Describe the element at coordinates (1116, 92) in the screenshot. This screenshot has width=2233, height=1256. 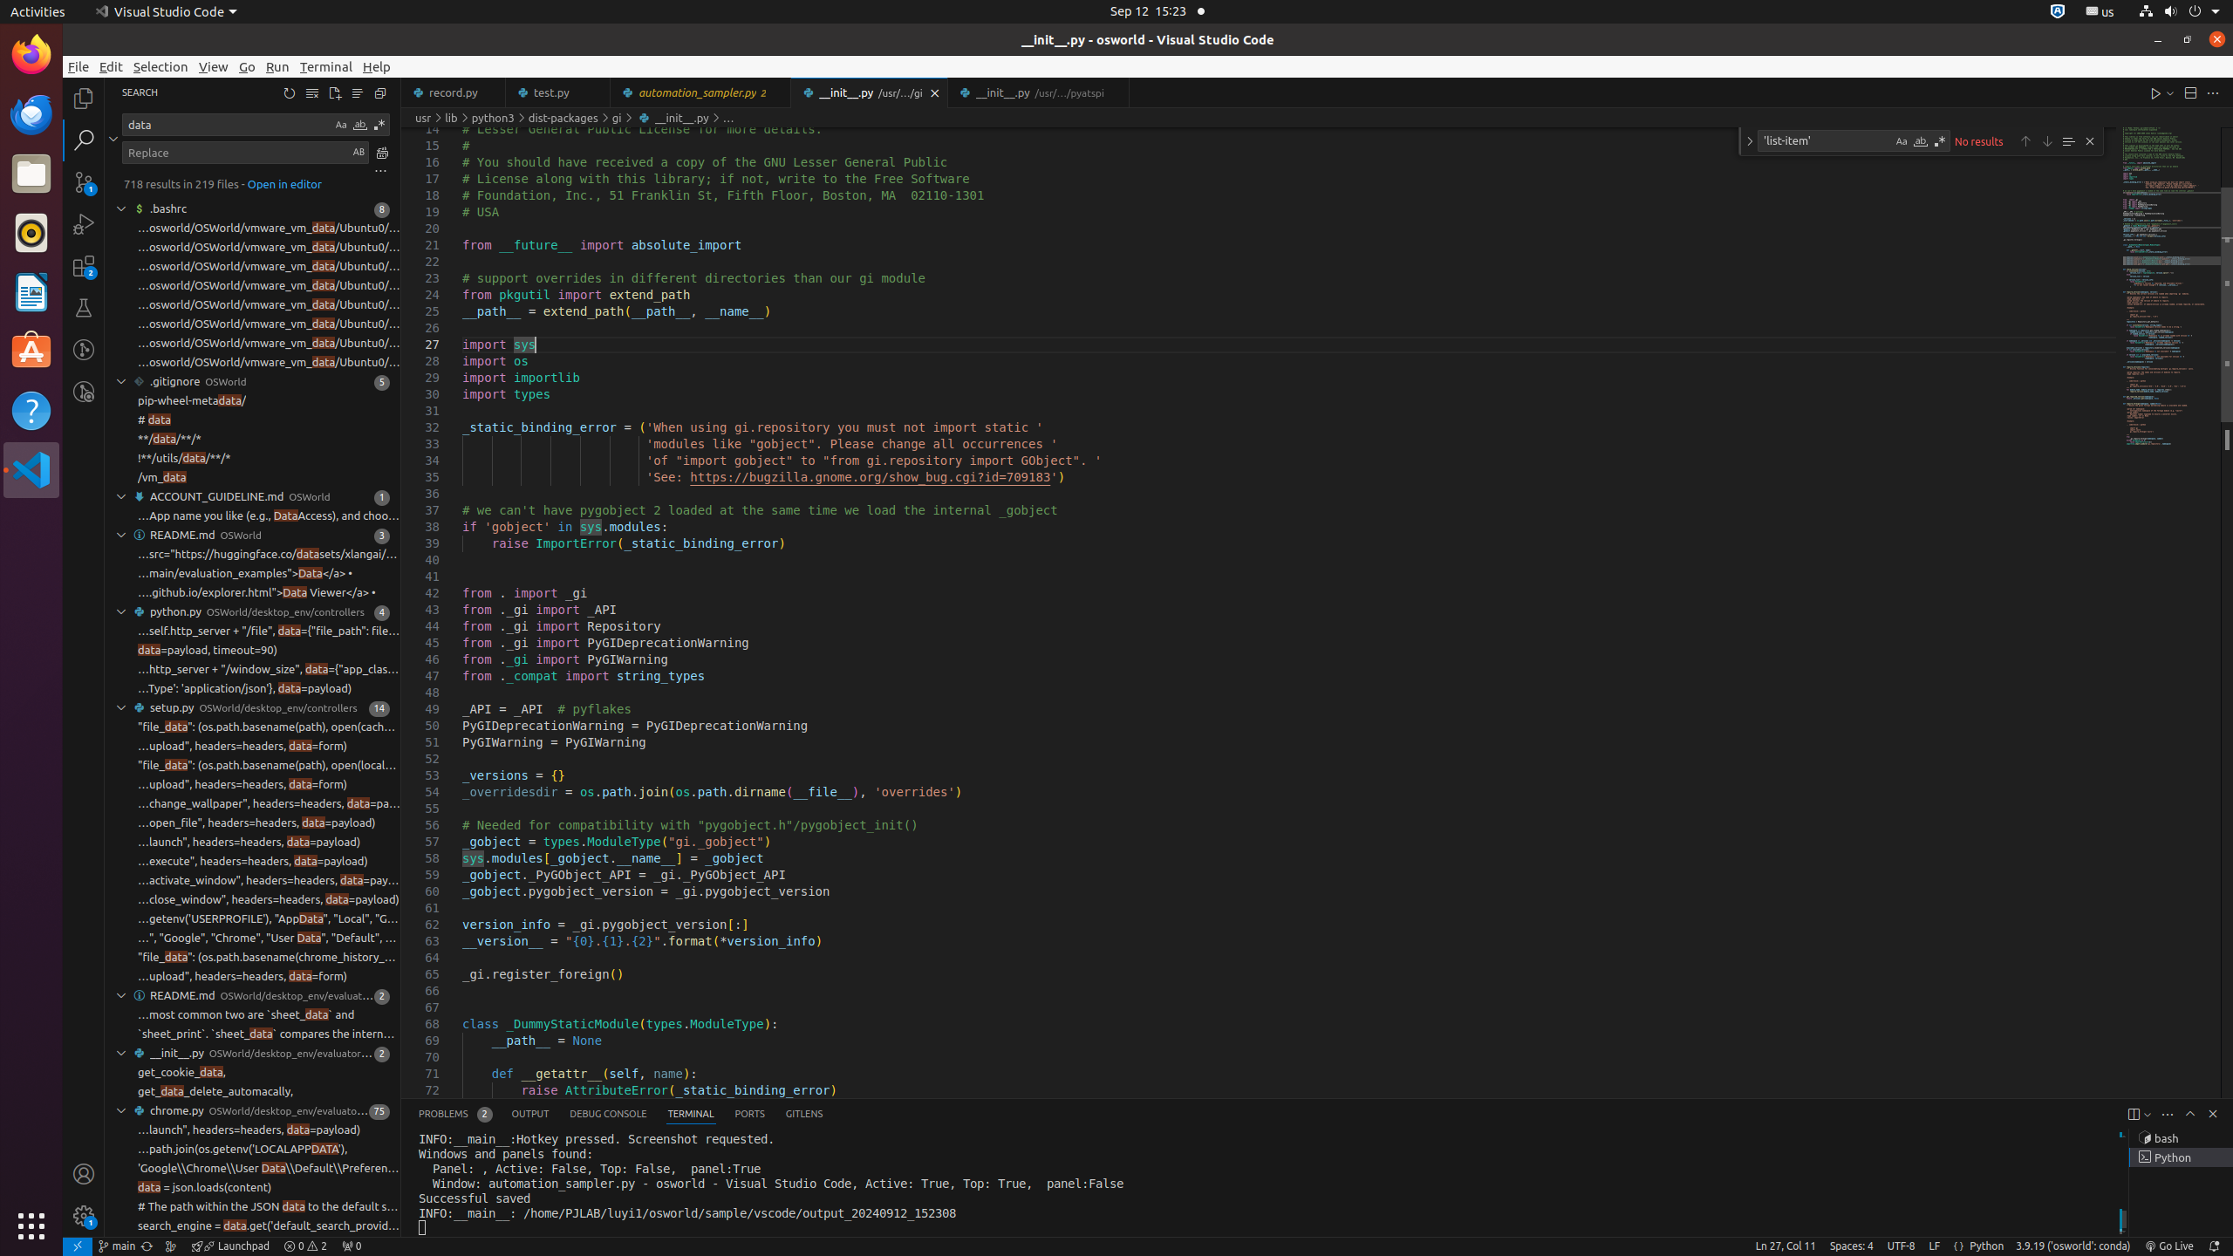
I see `'Close (Ctrl+W)'` at that location.